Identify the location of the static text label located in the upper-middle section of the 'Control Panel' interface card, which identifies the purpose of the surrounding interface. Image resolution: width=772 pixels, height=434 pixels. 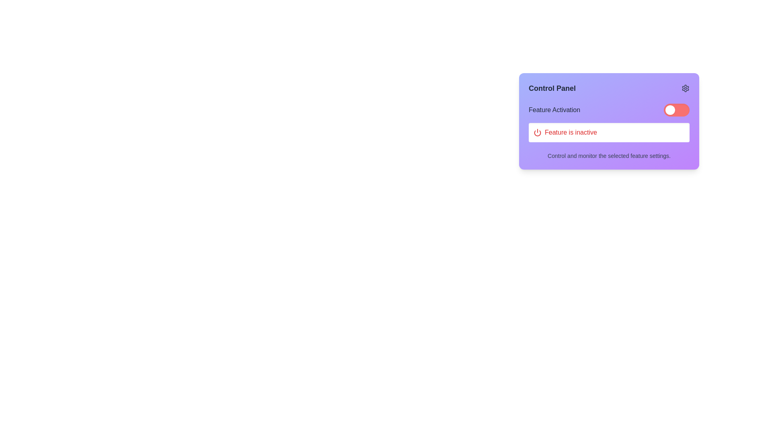
(554, 110).